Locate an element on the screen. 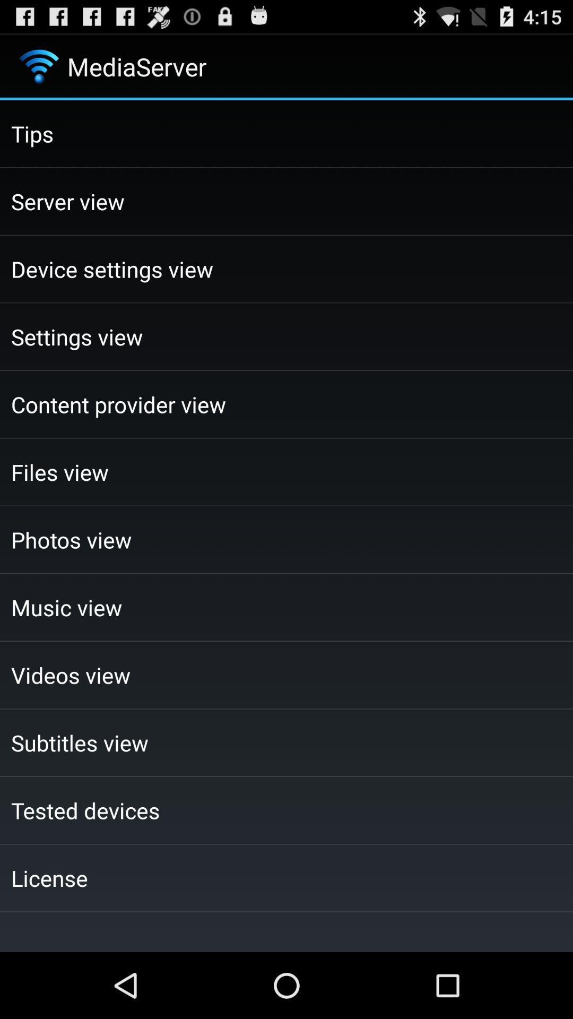 This screenshot has width=573, height=1019. the icon above the music view is located at coordinates (286, 540).